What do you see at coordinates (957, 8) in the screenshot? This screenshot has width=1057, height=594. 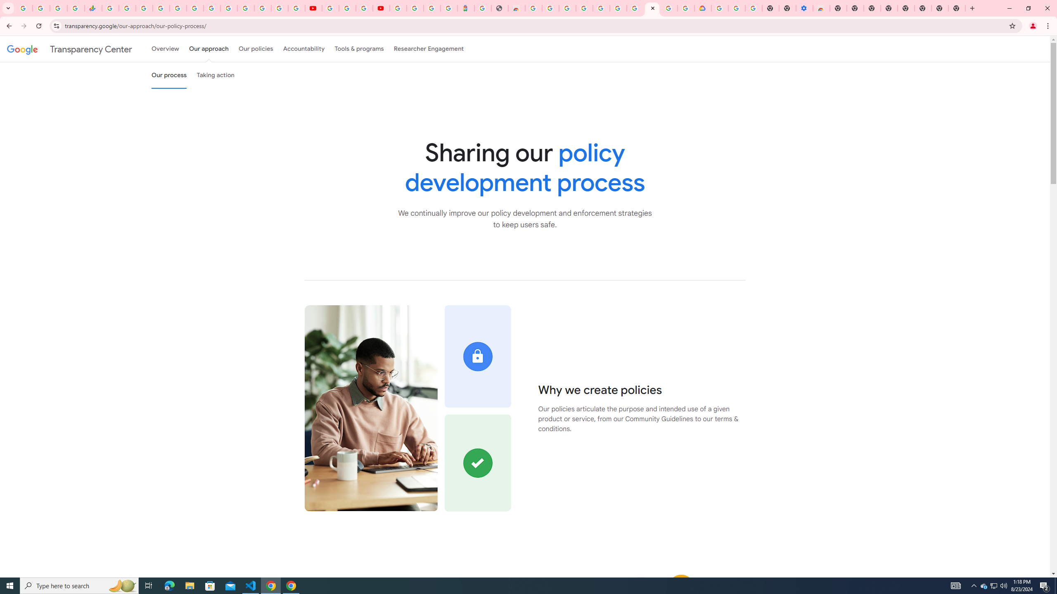 I see `'New Tab'` at bounding box center [957, 8].